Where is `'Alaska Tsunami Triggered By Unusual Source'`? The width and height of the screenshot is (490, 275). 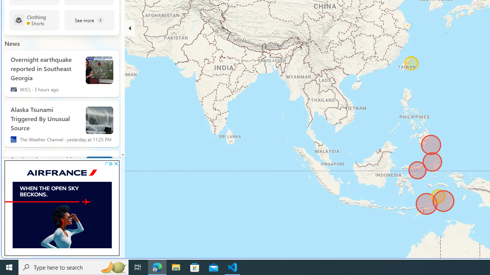
'Alaska Tsunami Triggered By Unusual Source' is located at coordinates (44, 117).